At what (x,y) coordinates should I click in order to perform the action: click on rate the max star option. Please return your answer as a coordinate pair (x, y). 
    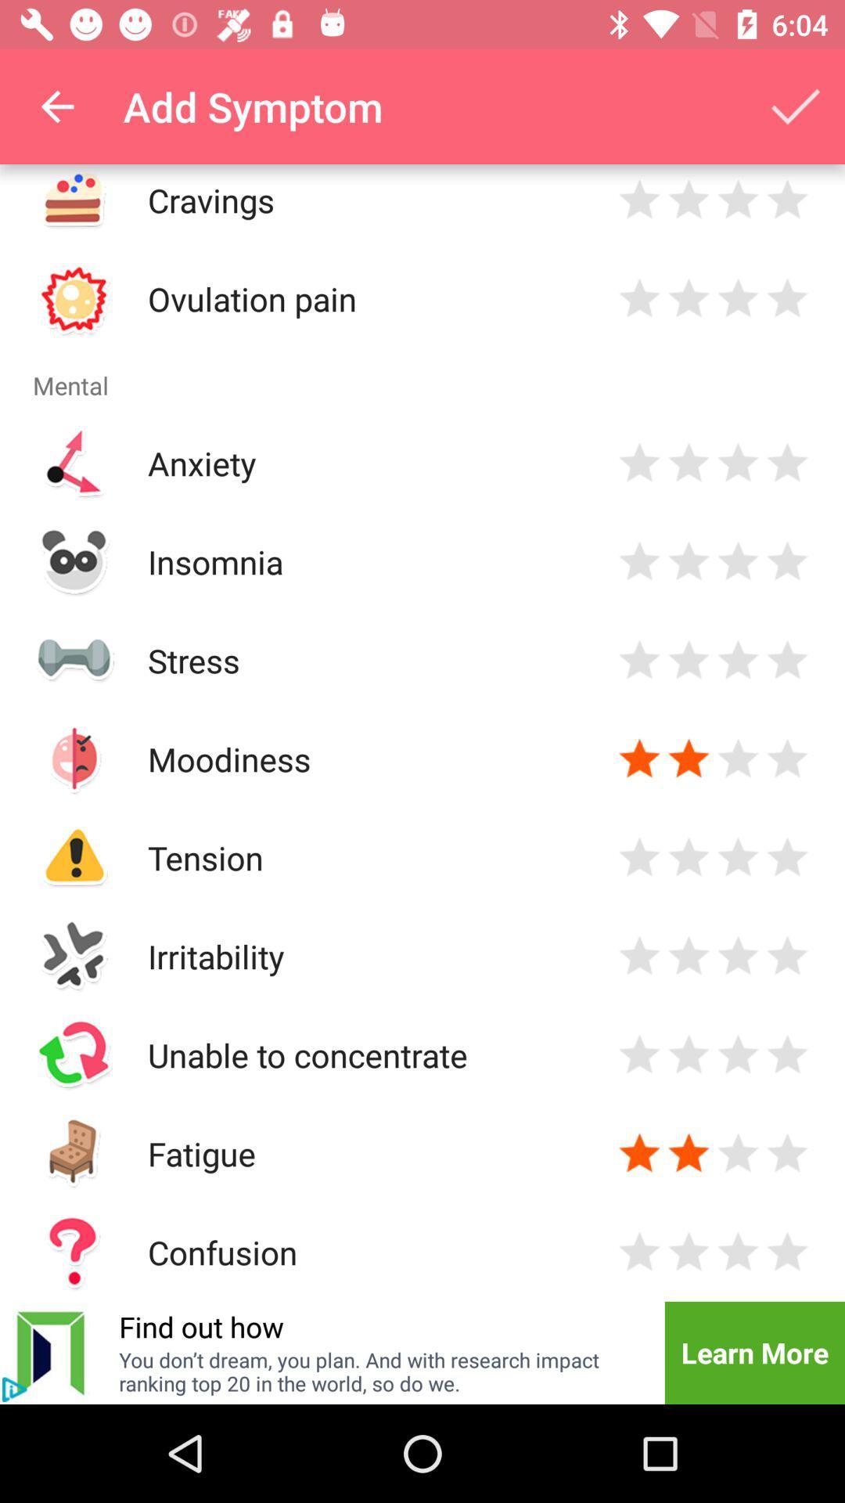
    Looking at the image, I should click on (787, 759).